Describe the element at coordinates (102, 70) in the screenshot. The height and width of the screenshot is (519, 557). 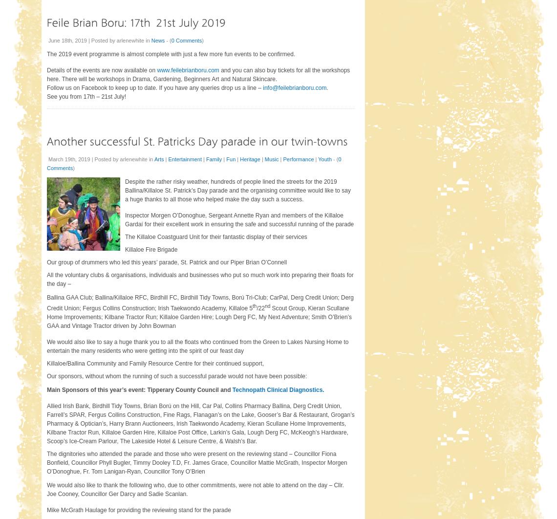
I see `'Details of the events are now available on'` at that location.